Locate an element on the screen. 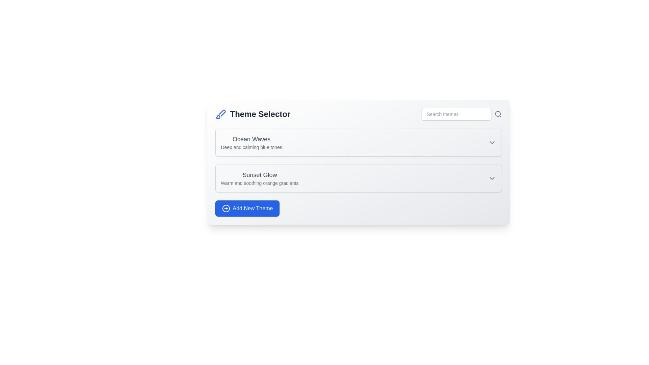 Image resolution: width=649 pixels, height=365 pixels. the static text label for the theme option 'Sunset Glow', which serves as the title for this theme in the 'Theme Selector' interface is located at coordinates (259, 174).